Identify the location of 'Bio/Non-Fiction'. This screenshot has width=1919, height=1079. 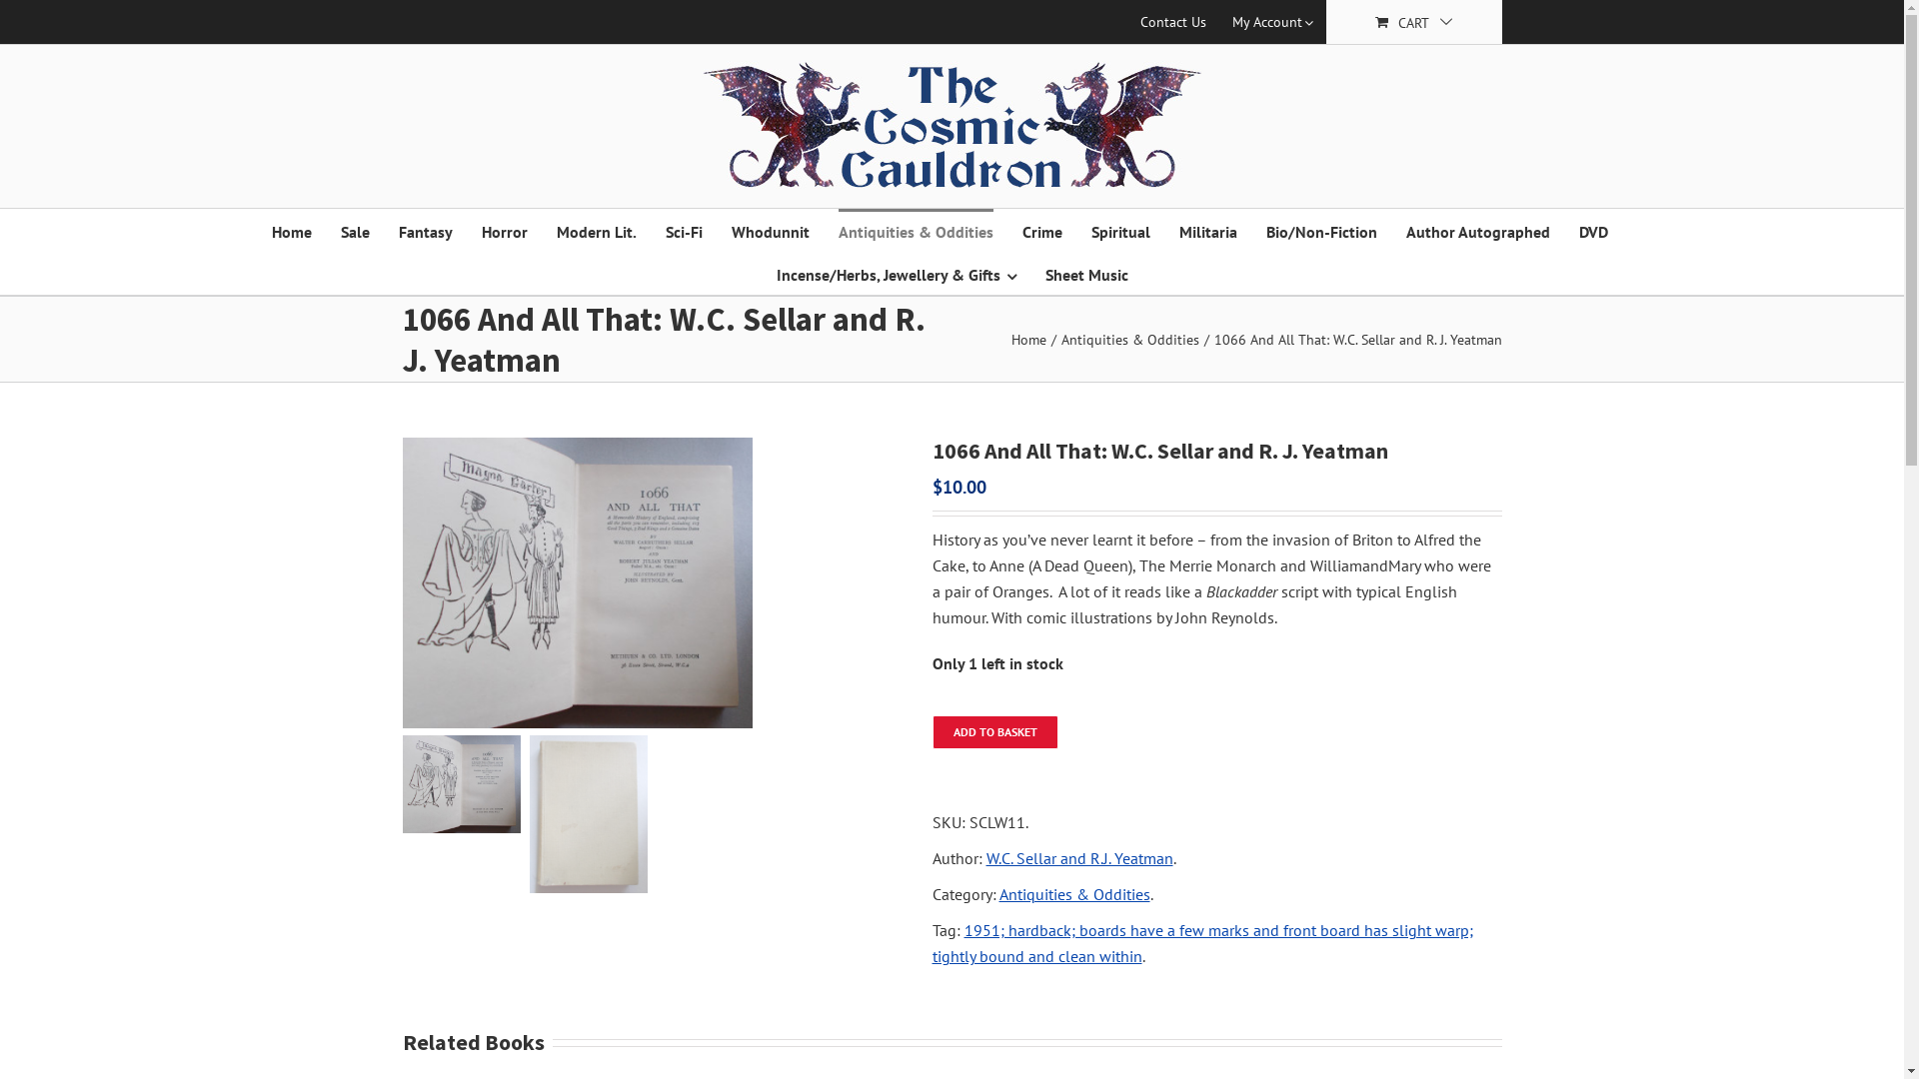
(1320, 229).